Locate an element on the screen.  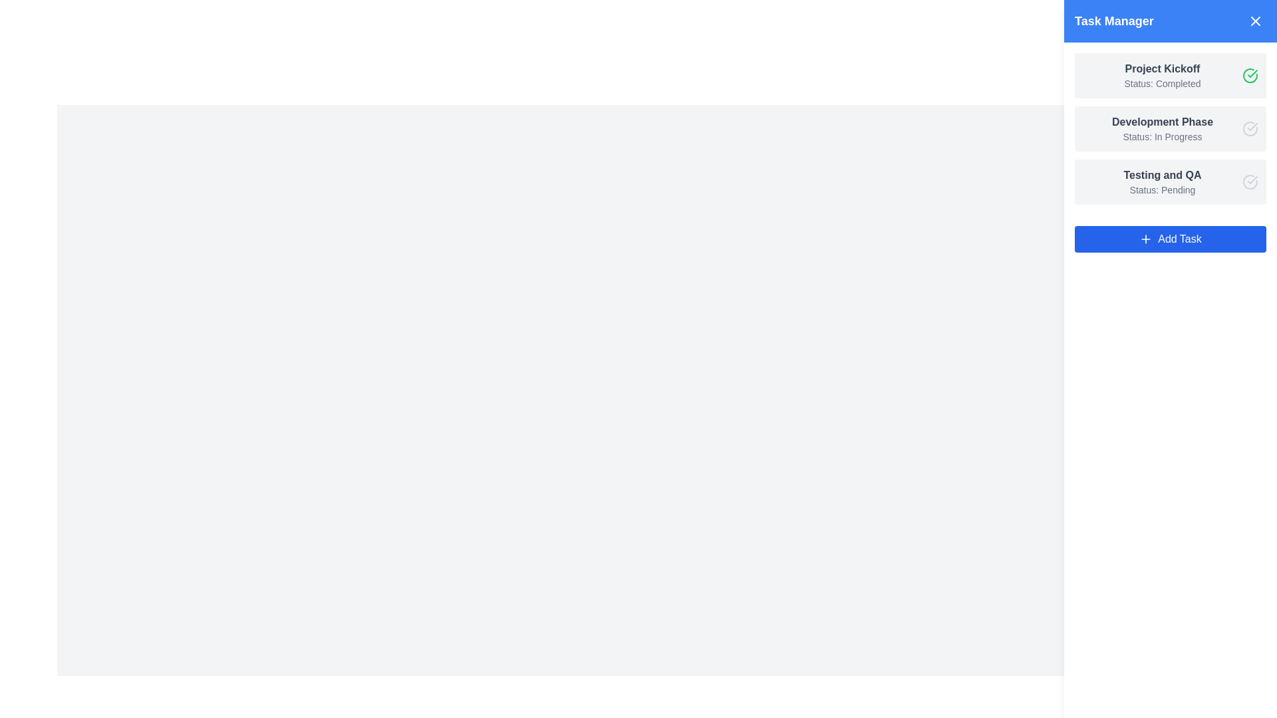
the text block displaying 'Project Kickoff' and 'Status: Completed' for accessibility purposes is located at coordinates (1161, 76).